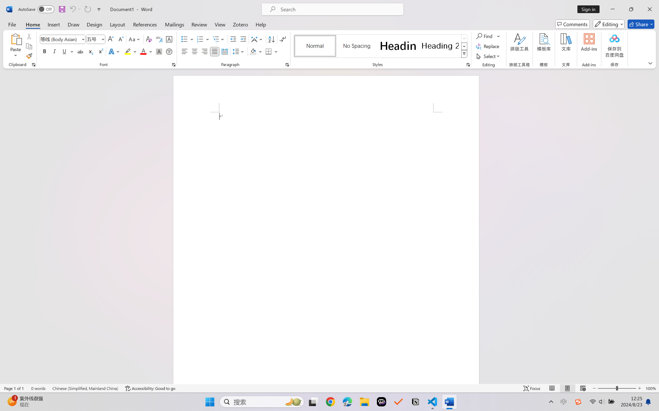 The height and width of the screenshot is (411, 659). I want to click on 'Sign in', so click(590, 9).